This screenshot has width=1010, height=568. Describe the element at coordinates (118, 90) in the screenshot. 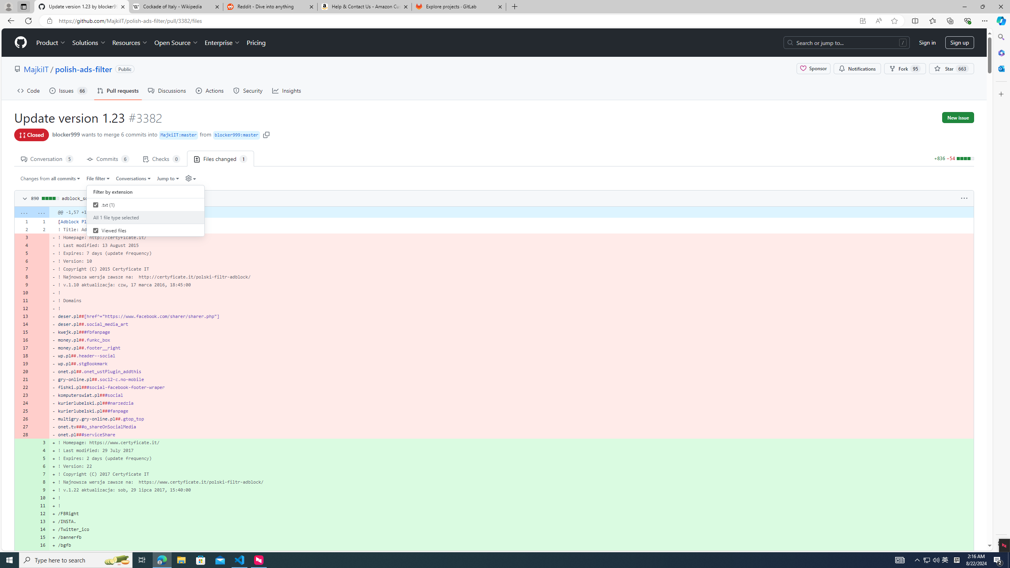

I see `'Pull requests'` at that location.